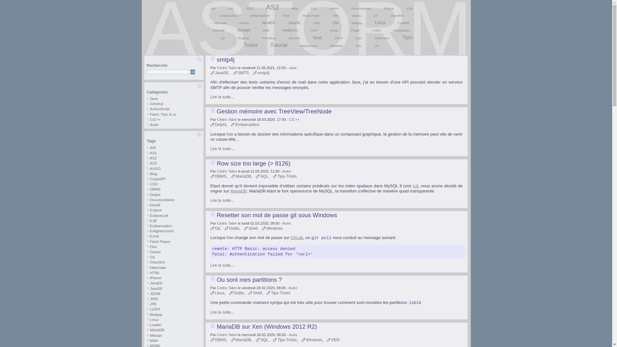 This screenshot has height=347, width=617. Describe the element at coordinates (282, 30) in the screenshot. I see `'NetBeans'` at that location.